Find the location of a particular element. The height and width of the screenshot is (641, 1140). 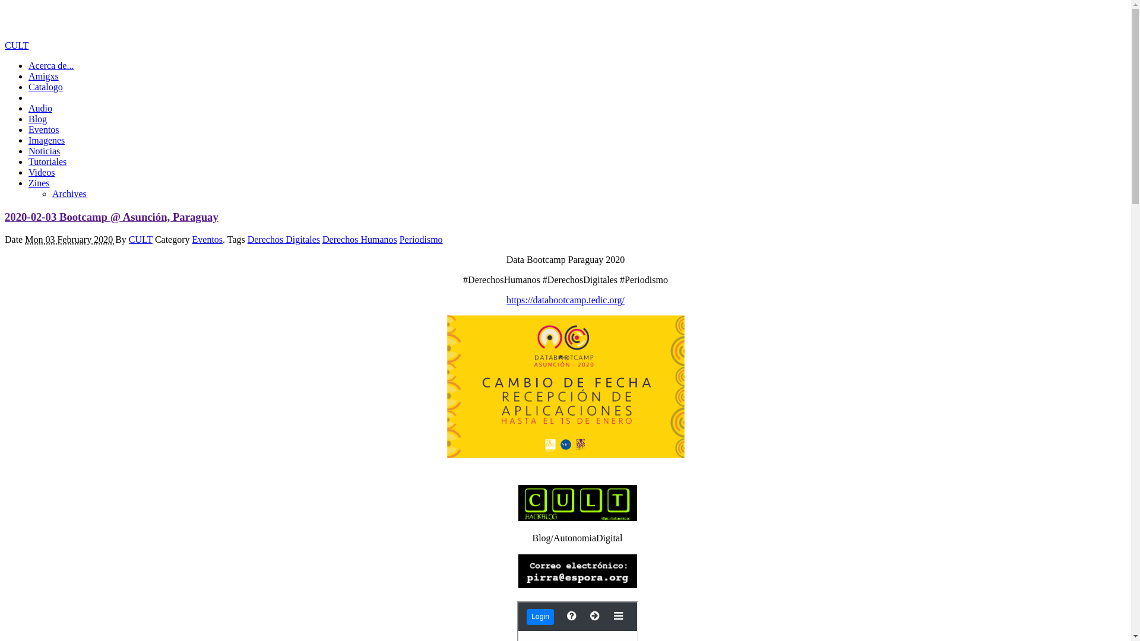

'Archives' is located at coordinates (68, 193).